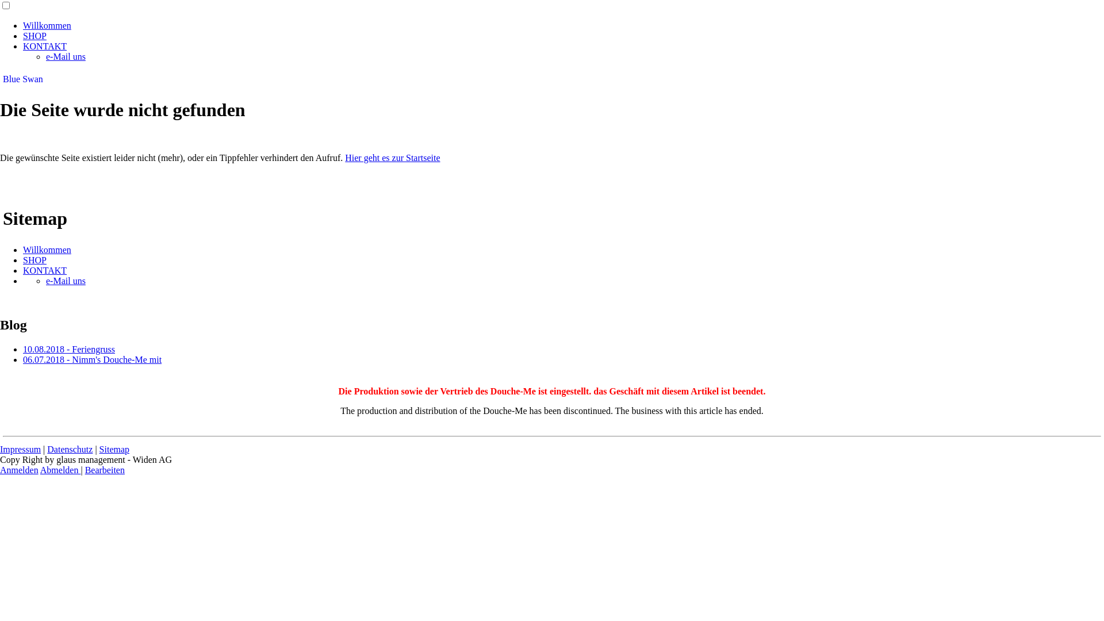  Describe the element at coordinates (114, 448) in the screenshot. I see `'Sitemap'` at that location.